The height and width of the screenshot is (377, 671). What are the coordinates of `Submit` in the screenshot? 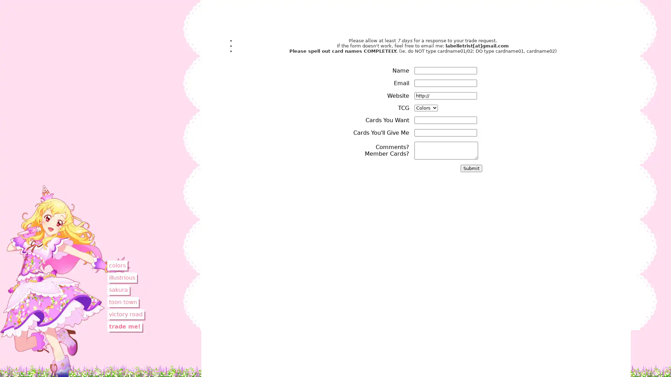 It's located at (471, 168).